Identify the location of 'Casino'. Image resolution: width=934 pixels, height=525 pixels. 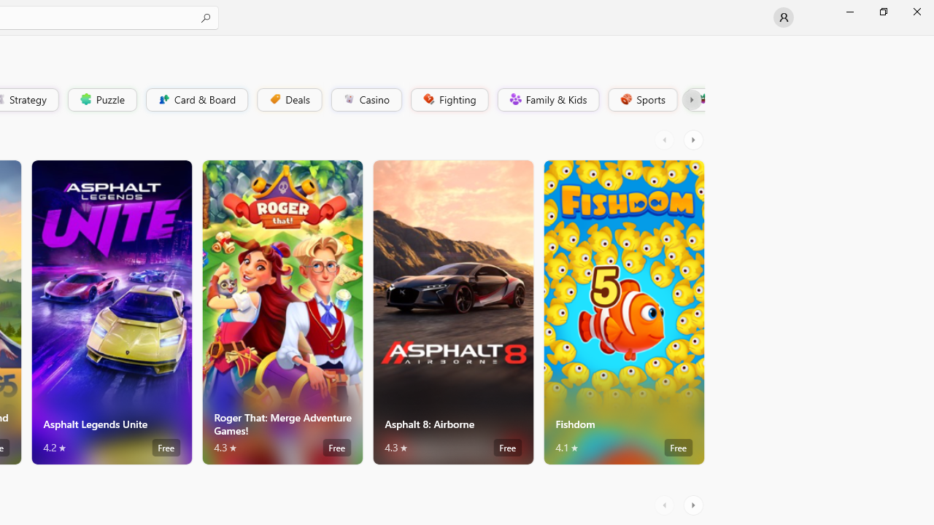
(366, 98).